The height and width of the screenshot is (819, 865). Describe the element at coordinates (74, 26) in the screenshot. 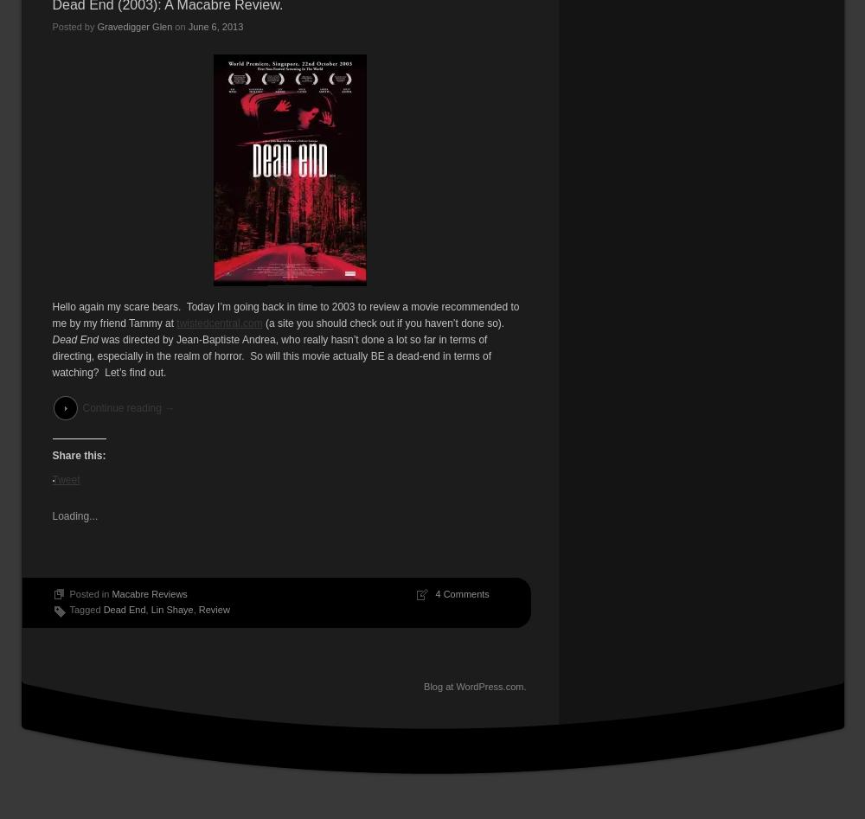

I see `'Posted by'` at that location.